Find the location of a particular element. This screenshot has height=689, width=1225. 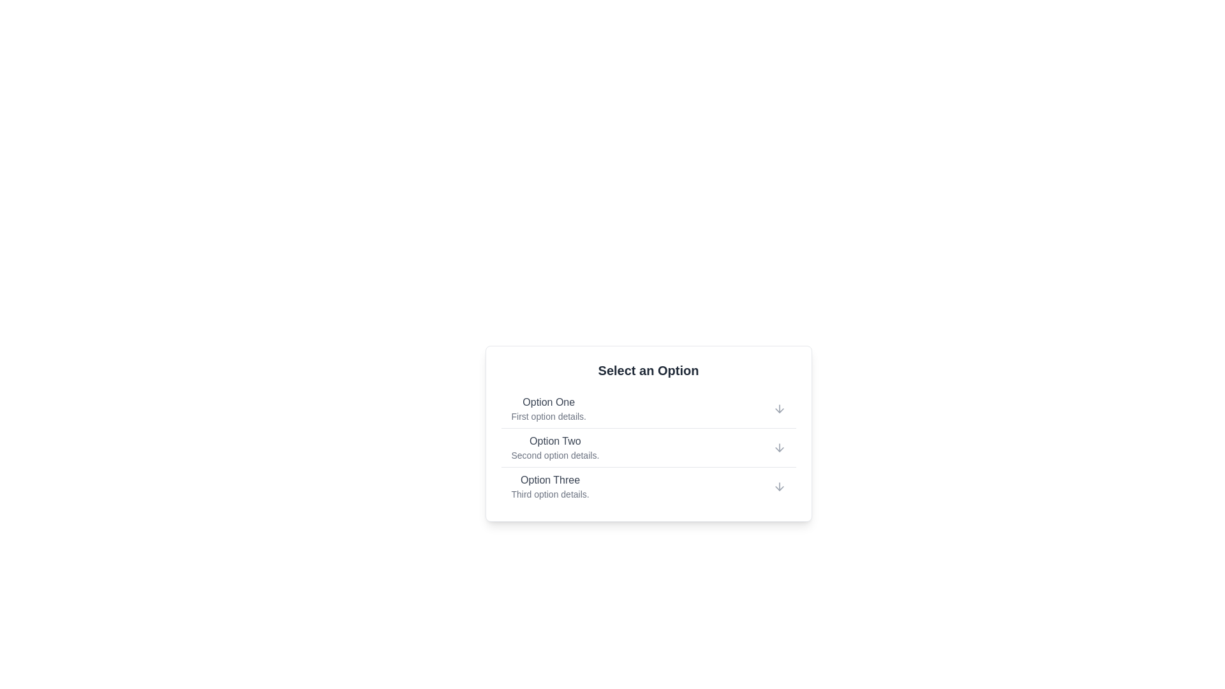

the dropdown-like list of selectable options is located at coordinates (648, 433).